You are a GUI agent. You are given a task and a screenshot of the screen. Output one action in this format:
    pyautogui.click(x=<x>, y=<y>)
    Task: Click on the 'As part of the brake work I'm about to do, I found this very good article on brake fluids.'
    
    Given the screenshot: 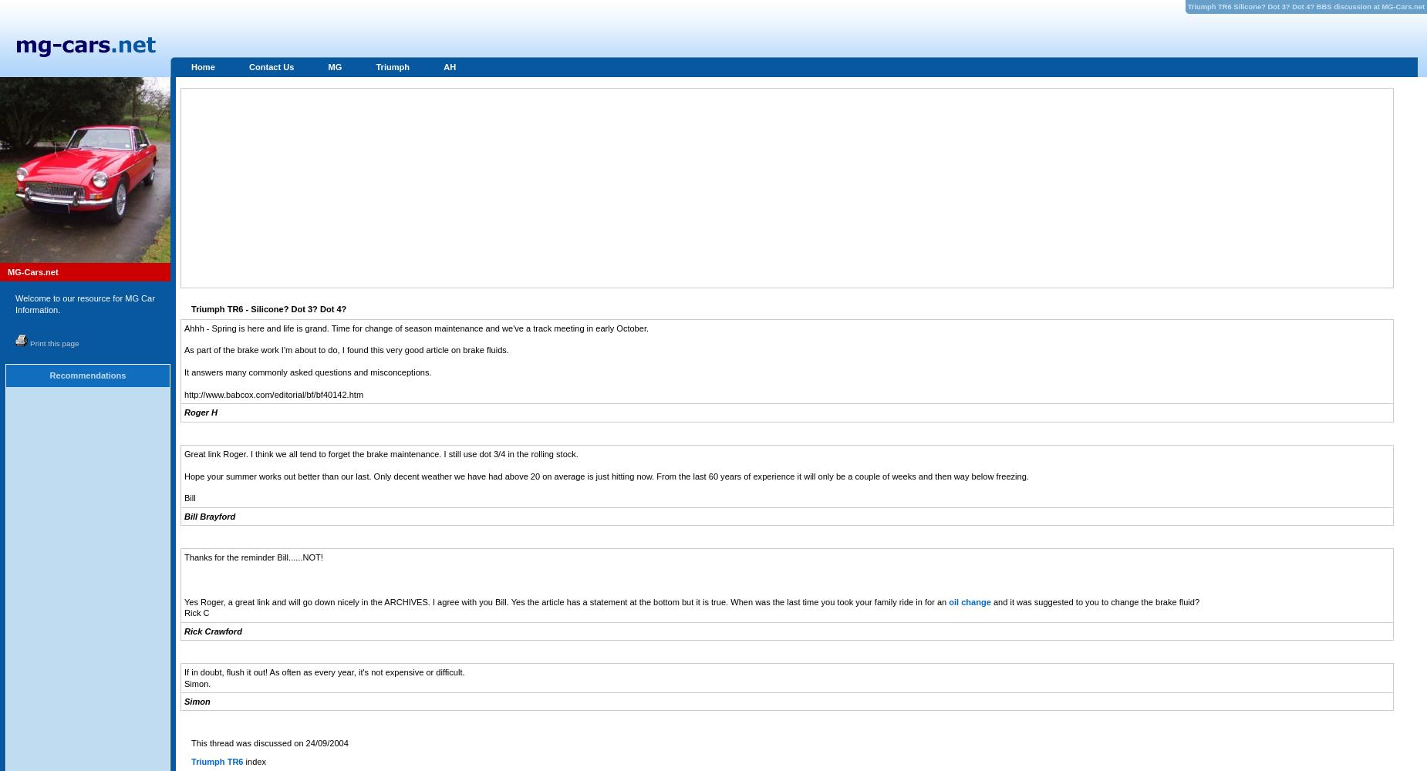 What is the action you would take?
    pyautogui.click(x=345, y=349)
    